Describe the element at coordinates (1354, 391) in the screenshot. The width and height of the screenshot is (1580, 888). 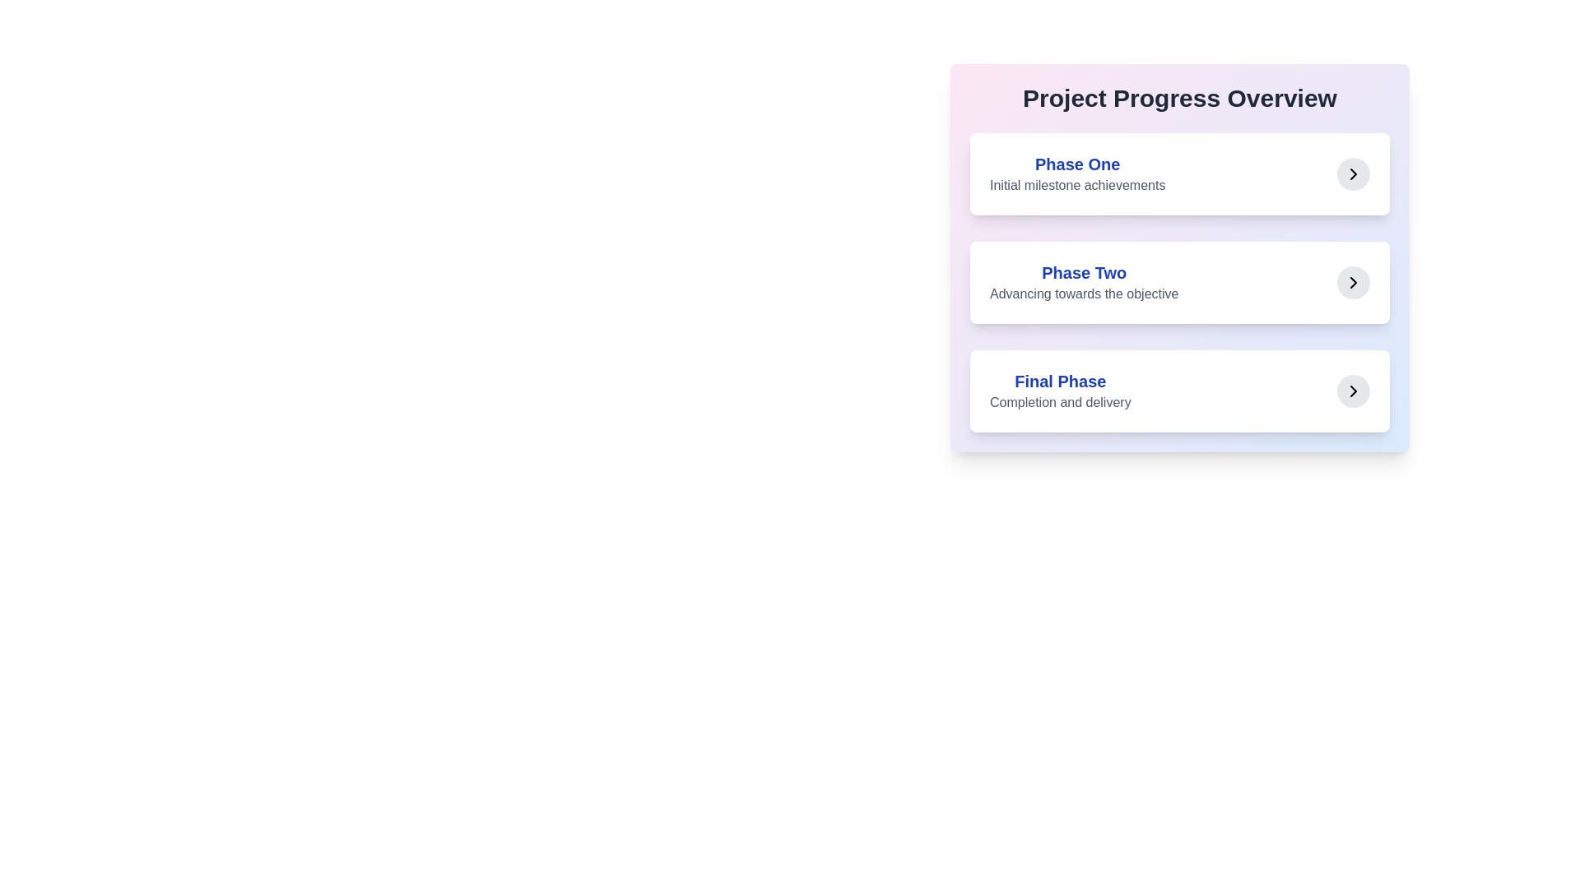
I see `the circular gray button with a black rightward chevron icon, located on the far right of the 'Final Phase' row in the 'Project Progress Overview' card` at that location.